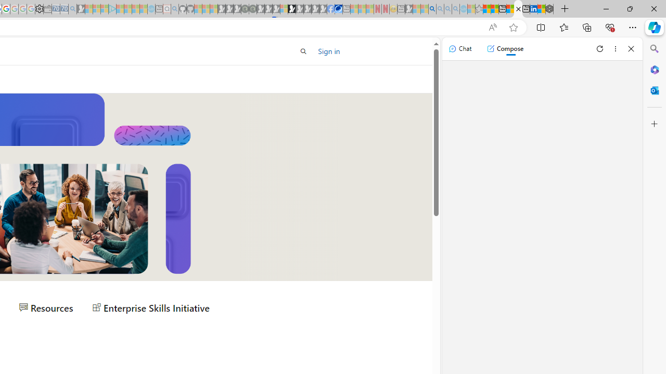 The image size is (666, 374). Describe the element at coordinates (330, 9) in the screenshot. I see `'Nordace | Facebook - Sleeping'` at that location.